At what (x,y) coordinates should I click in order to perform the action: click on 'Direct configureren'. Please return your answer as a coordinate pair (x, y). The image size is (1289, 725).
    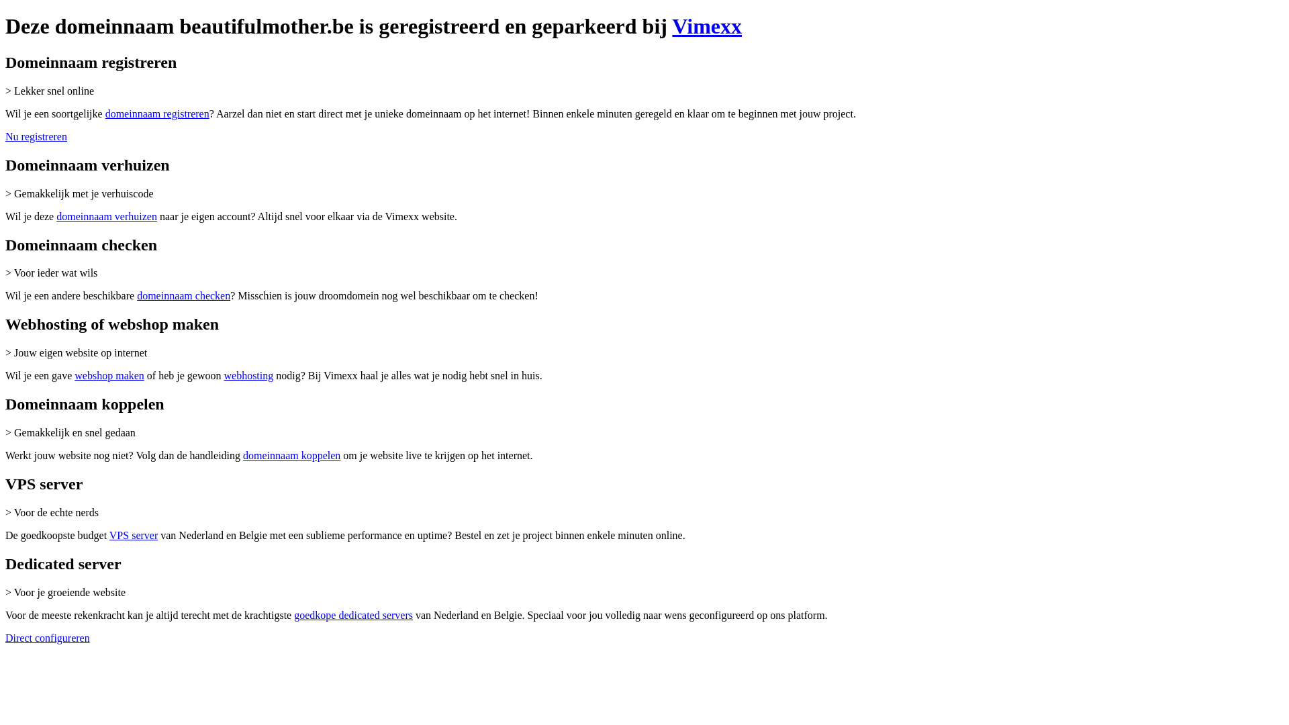
    Looking at the image, I should click on (48, 637).